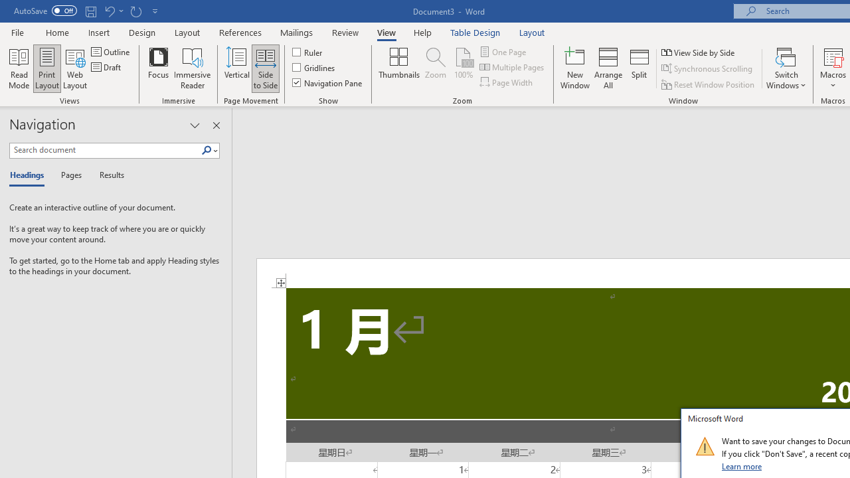  What do you see at coordinates (237, 68) in the screenshot?
I see `'Vertical'` at bounding box center [237, 68].